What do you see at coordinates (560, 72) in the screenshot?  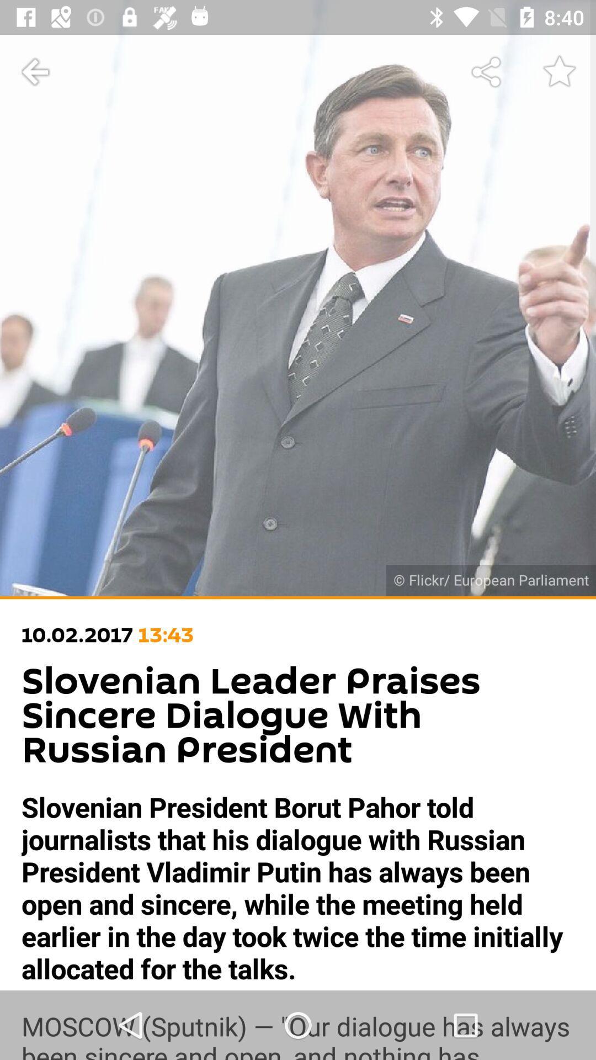 I see `the star icon` at bounding box center [560, 72].